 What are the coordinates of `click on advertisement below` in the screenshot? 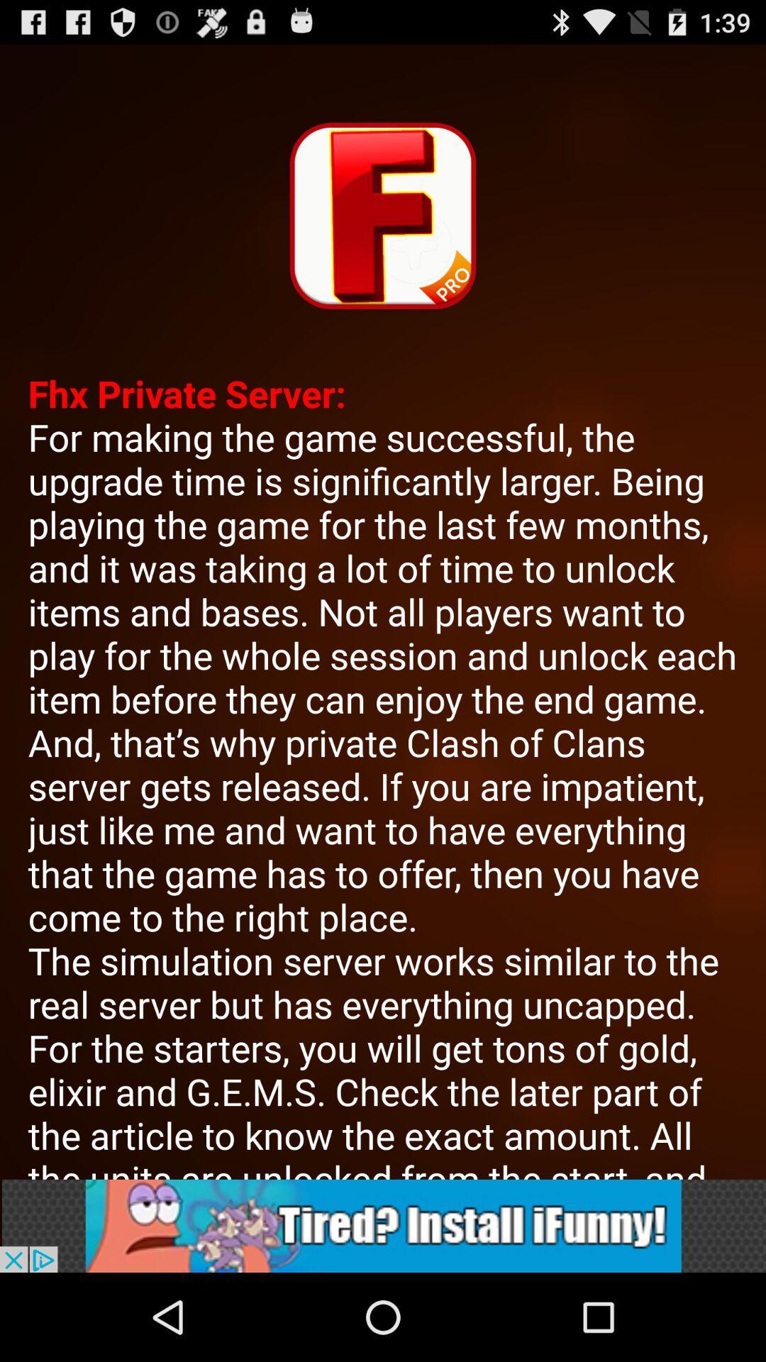 It's located at (383, 1225).